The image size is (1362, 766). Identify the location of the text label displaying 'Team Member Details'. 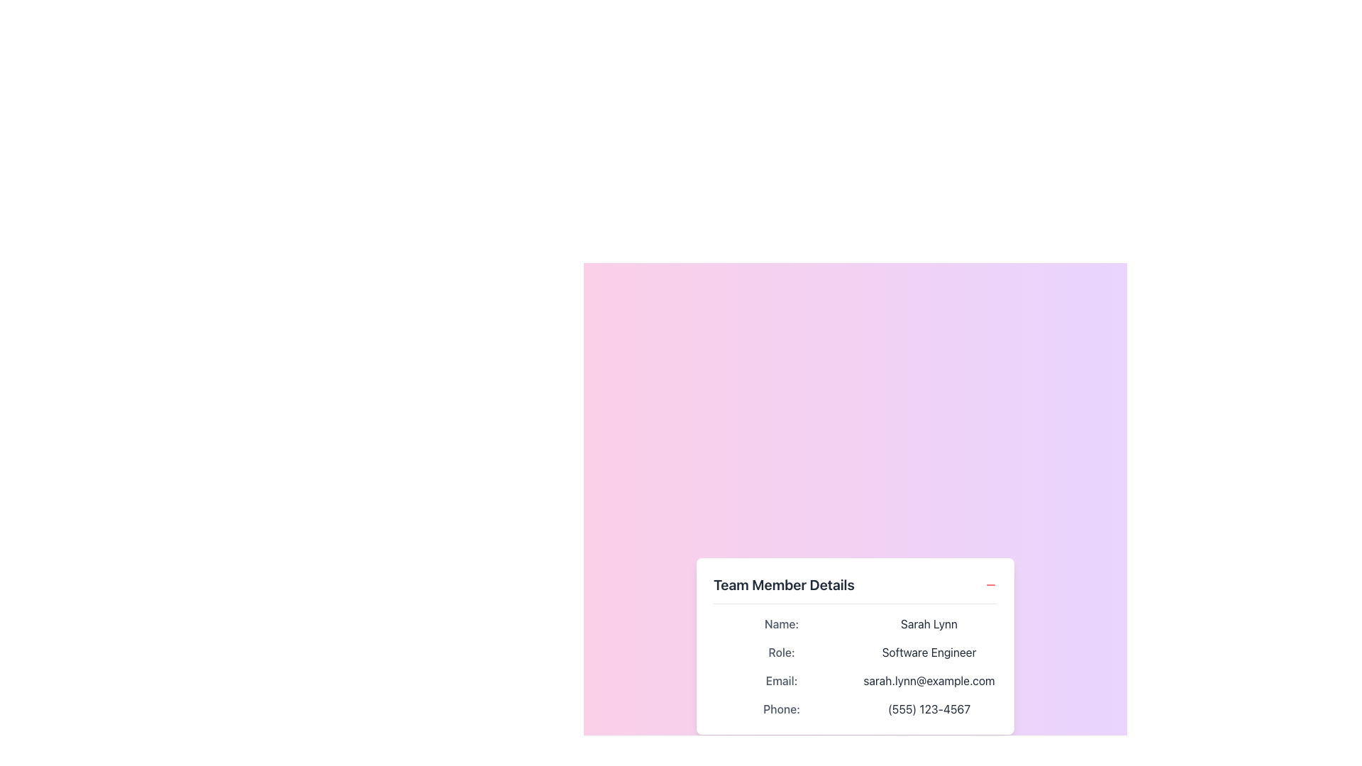
(783, 584).